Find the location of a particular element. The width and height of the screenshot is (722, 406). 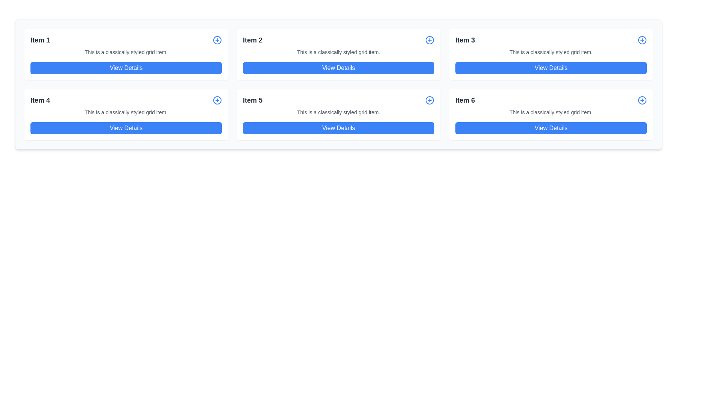

the button with a blue background and white text reading 'View Details' to trigger the color change effect is located at coordinates (338, 127).